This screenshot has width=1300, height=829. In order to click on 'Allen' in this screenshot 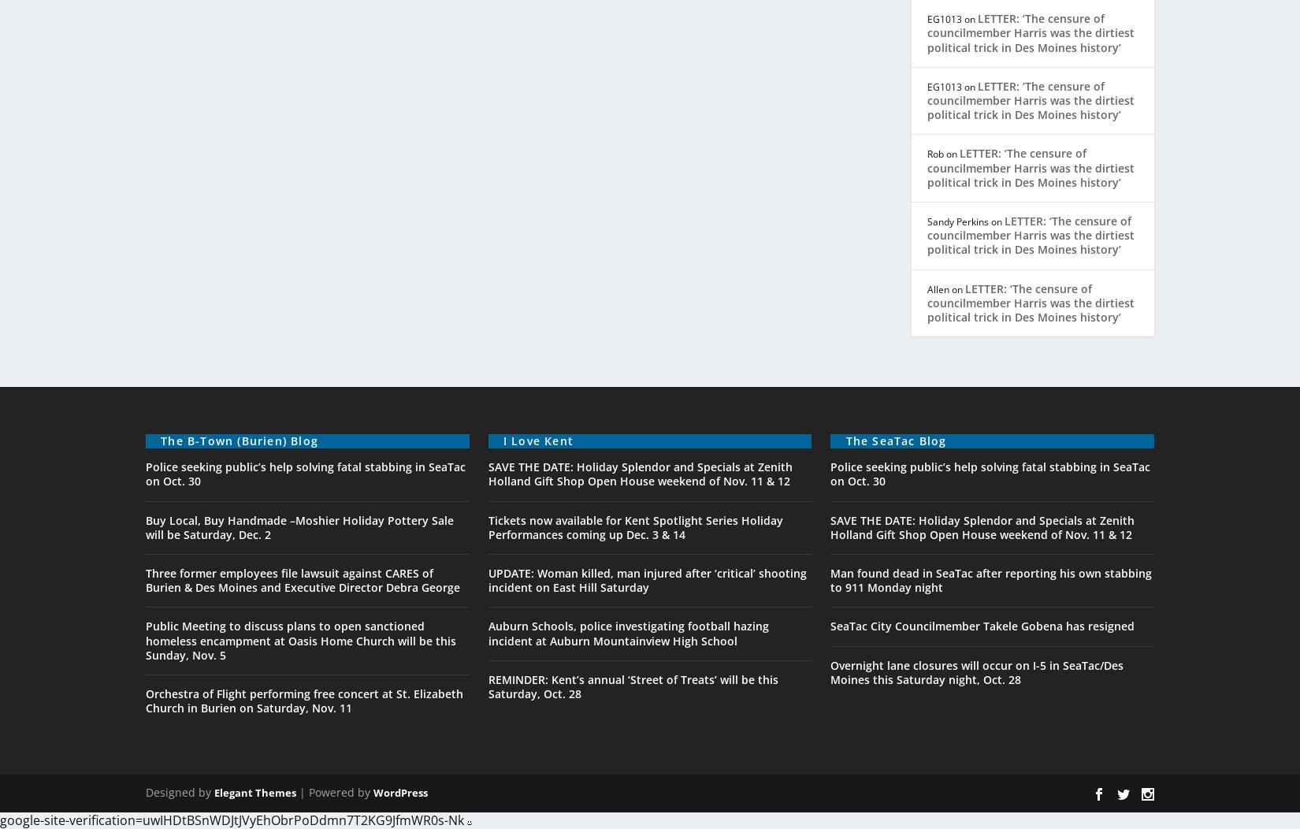, I will do `click(927, 288)`.